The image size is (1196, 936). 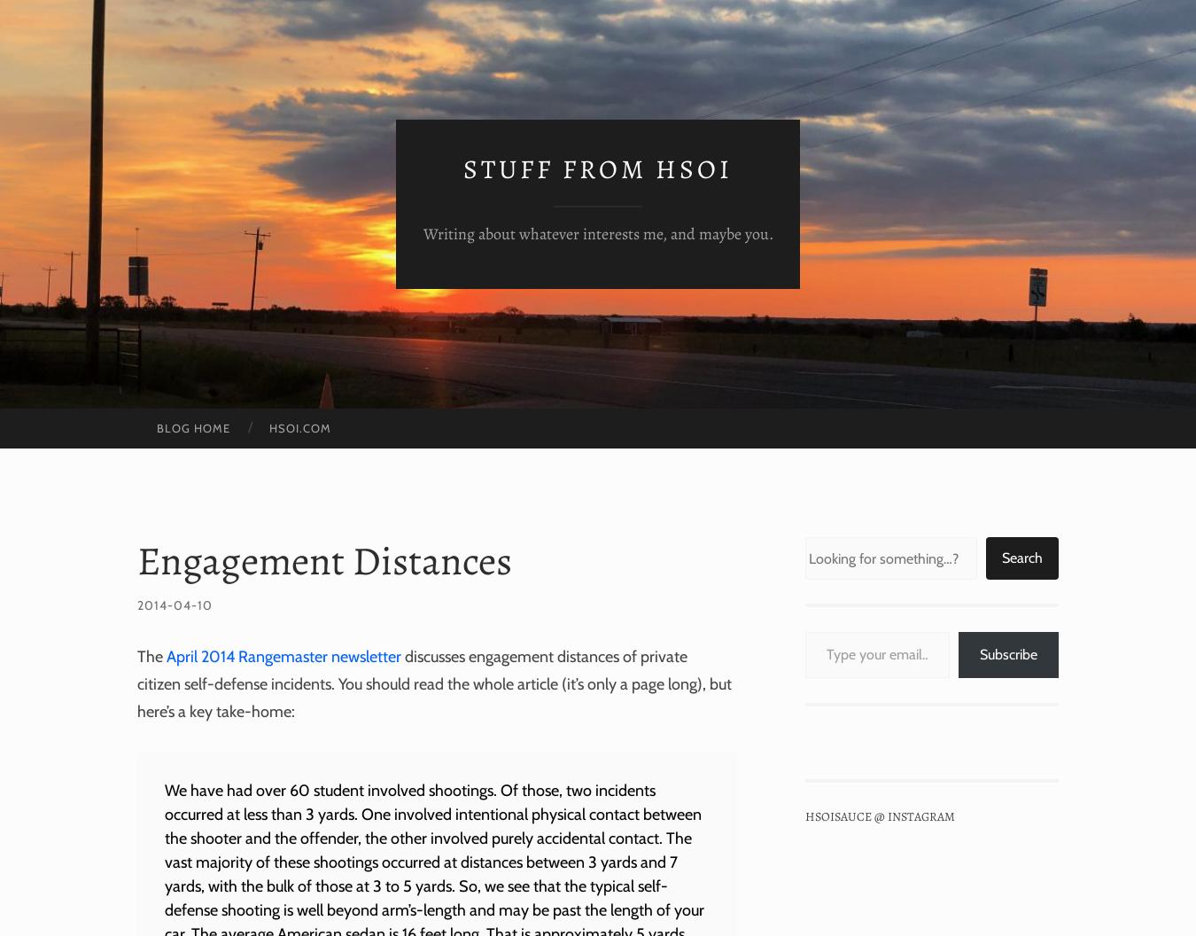 I want to click on 'Engagement Distances', so click(x=136, y=559).